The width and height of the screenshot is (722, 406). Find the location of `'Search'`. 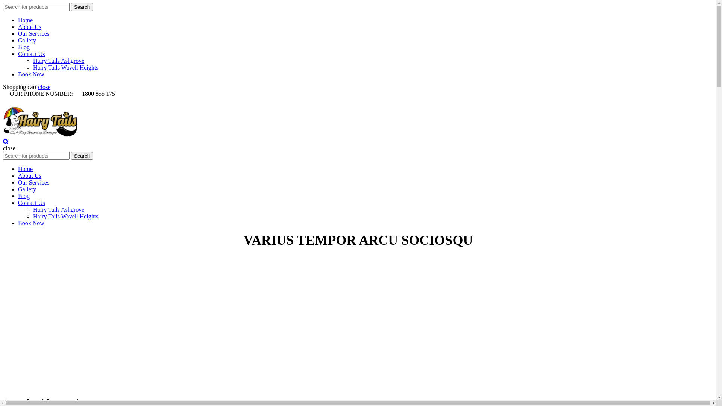

'Search' is located at coordinates (82, 155).